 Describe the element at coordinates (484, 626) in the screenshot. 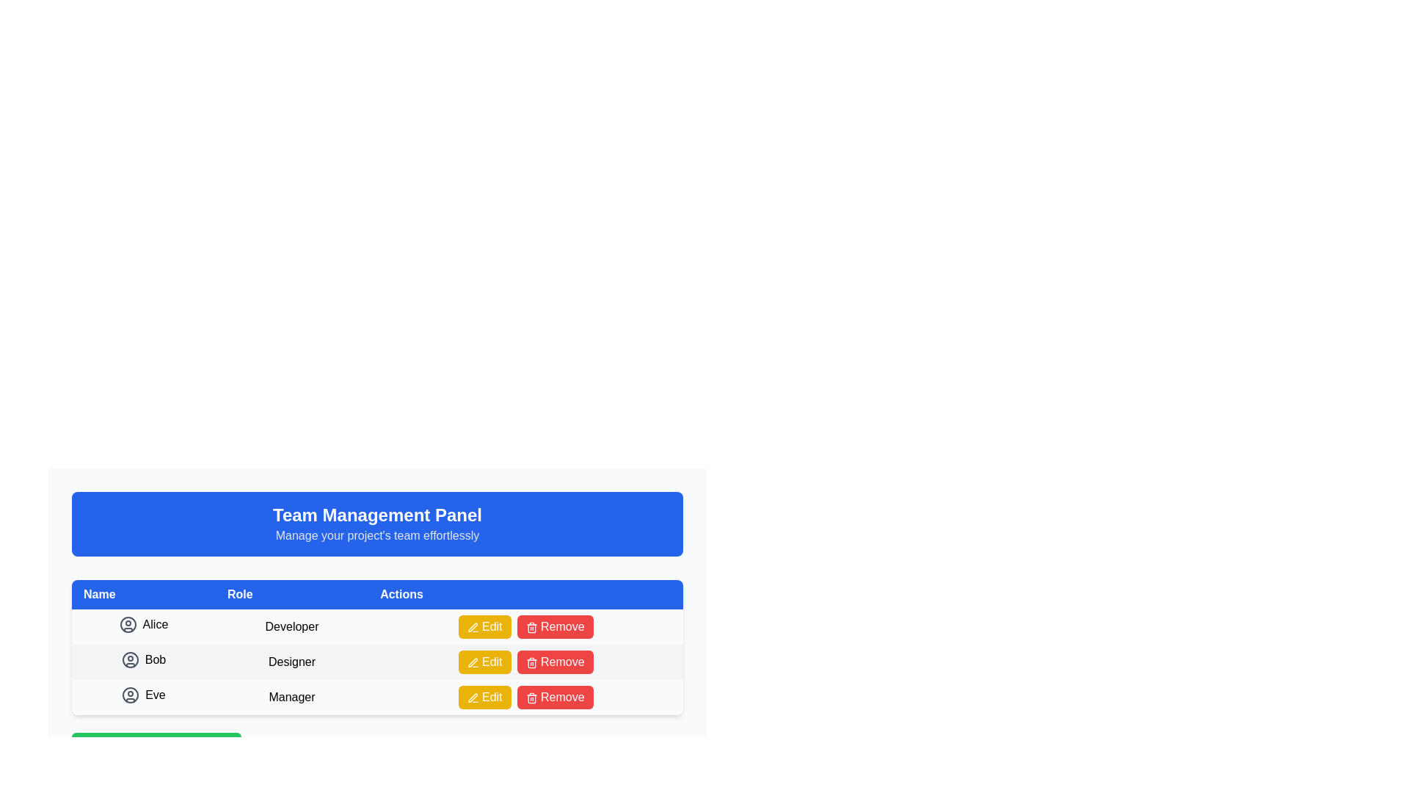

I see `the 'Edit' button located in the 'Actions' column of the table's first row for the 'Developer' role to change its background color to a darker shade of yellow` at that location.